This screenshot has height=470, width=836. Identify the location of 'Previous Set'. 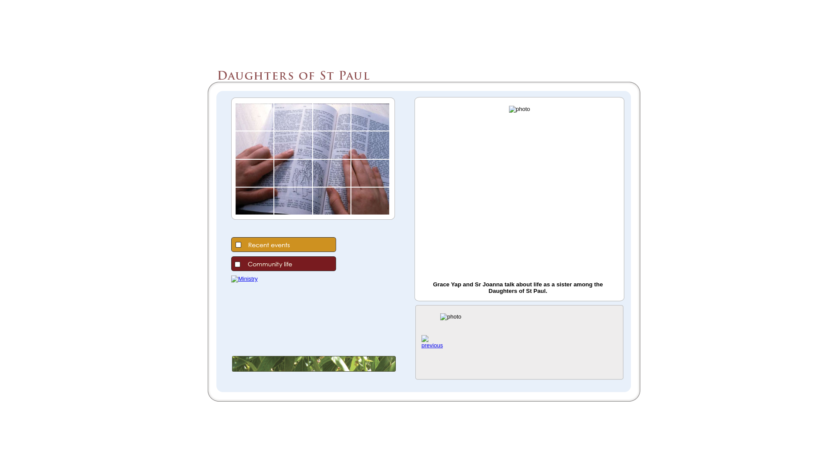
(432, 345).